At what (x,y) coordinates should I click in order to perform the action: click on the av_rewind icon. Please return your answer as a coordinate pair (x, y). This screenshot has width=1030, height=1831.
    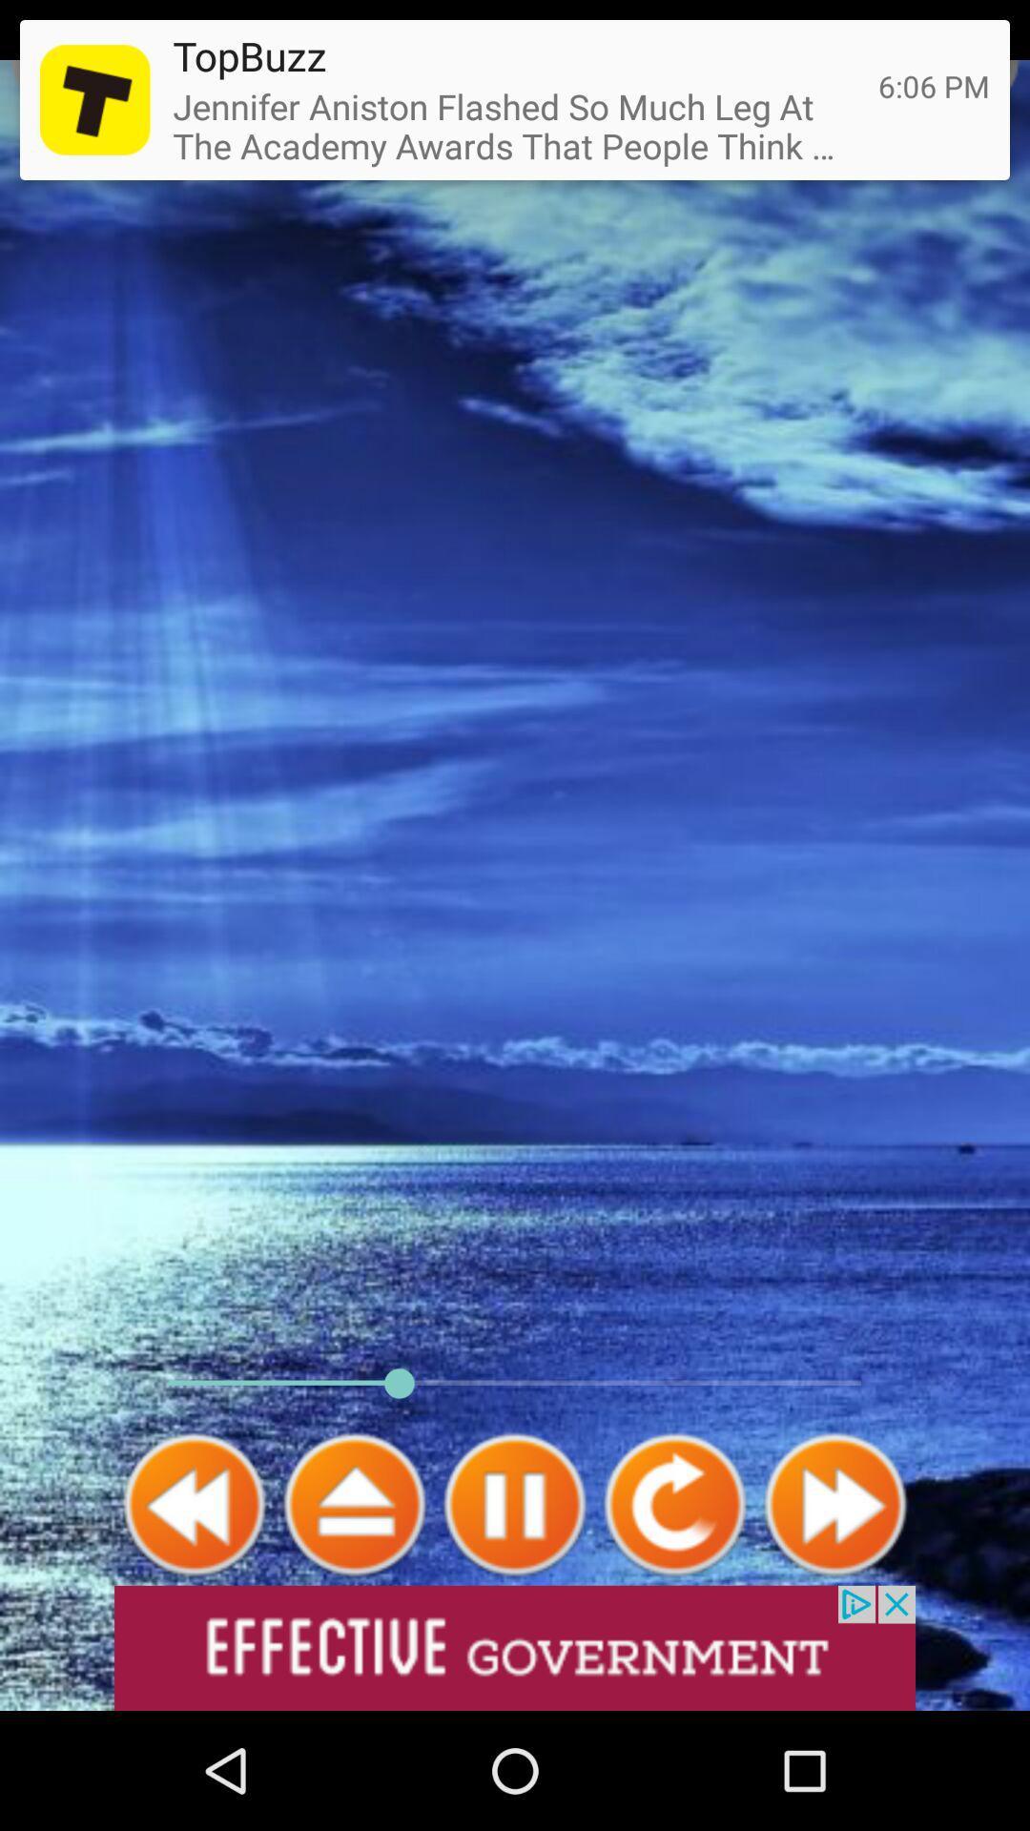
    Looking at the image, I should click on (195, 1610).